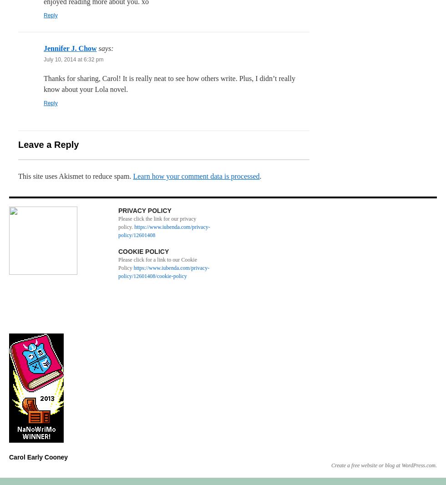  Describe the element at coordinates (48, 144) in the screenshot. I see `'Leave a Reply'` at that location.